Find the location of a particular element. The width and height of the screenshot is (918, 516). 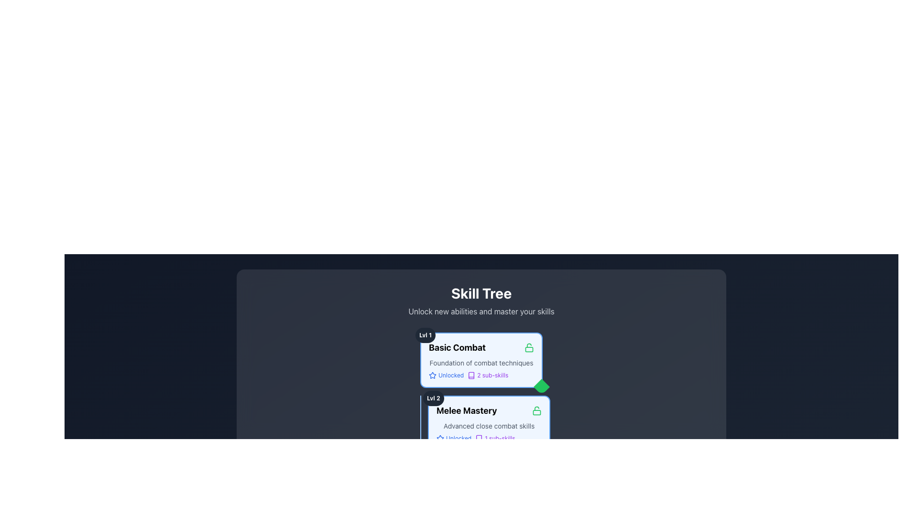

the static text element displaying '2 sub-skills', which is styled in a purple font and located next to the book icon within the 'Basic Combat' skill card is located at coordinates (492, 375).